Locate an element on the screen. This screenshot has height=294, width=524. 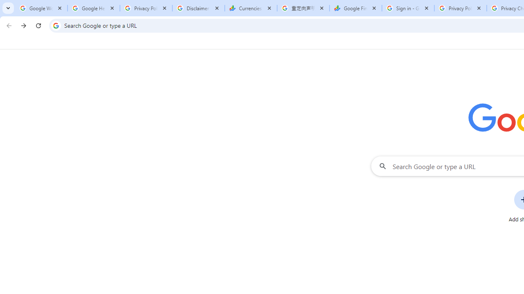
'Sign in - Google Accounts' is located at coordinates (408, 8).